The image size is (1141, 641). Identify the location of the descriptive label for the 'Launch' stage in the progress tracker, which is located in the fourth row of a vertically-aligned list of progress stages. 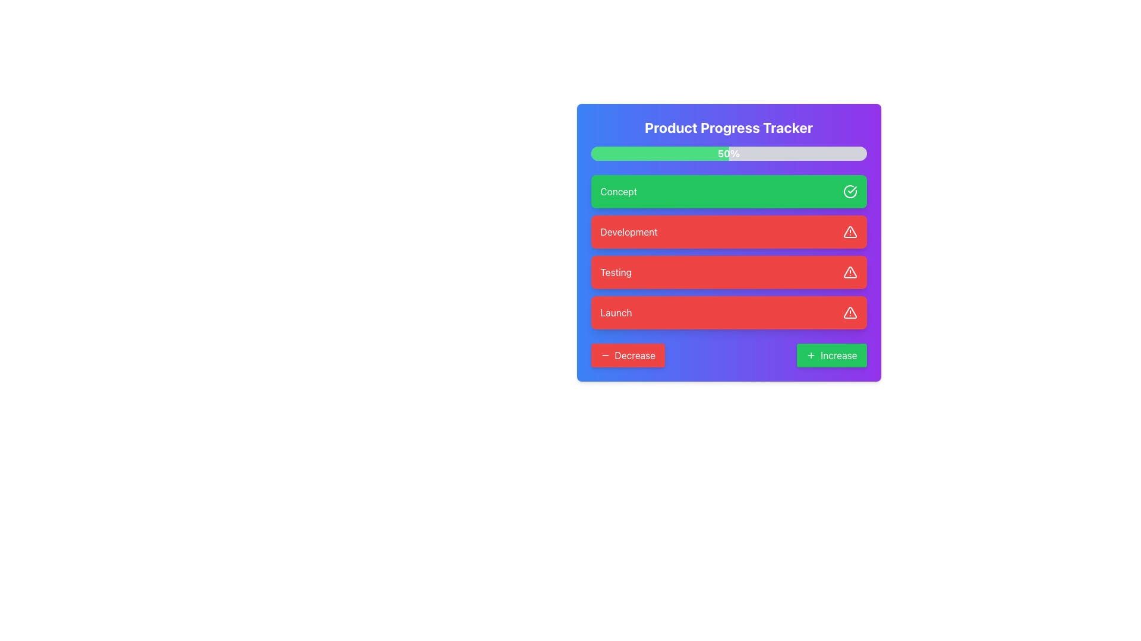
(616, 312).